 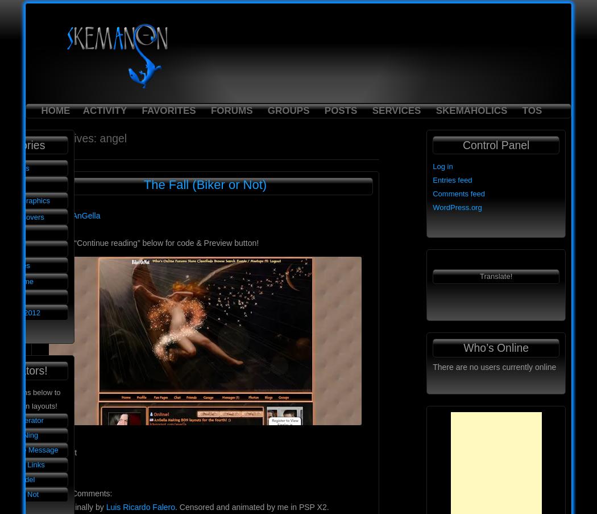 What do you see at coordinates (495, 276) in the screenshot?
I see `'Translate!'` at bounding box center [495, 276].